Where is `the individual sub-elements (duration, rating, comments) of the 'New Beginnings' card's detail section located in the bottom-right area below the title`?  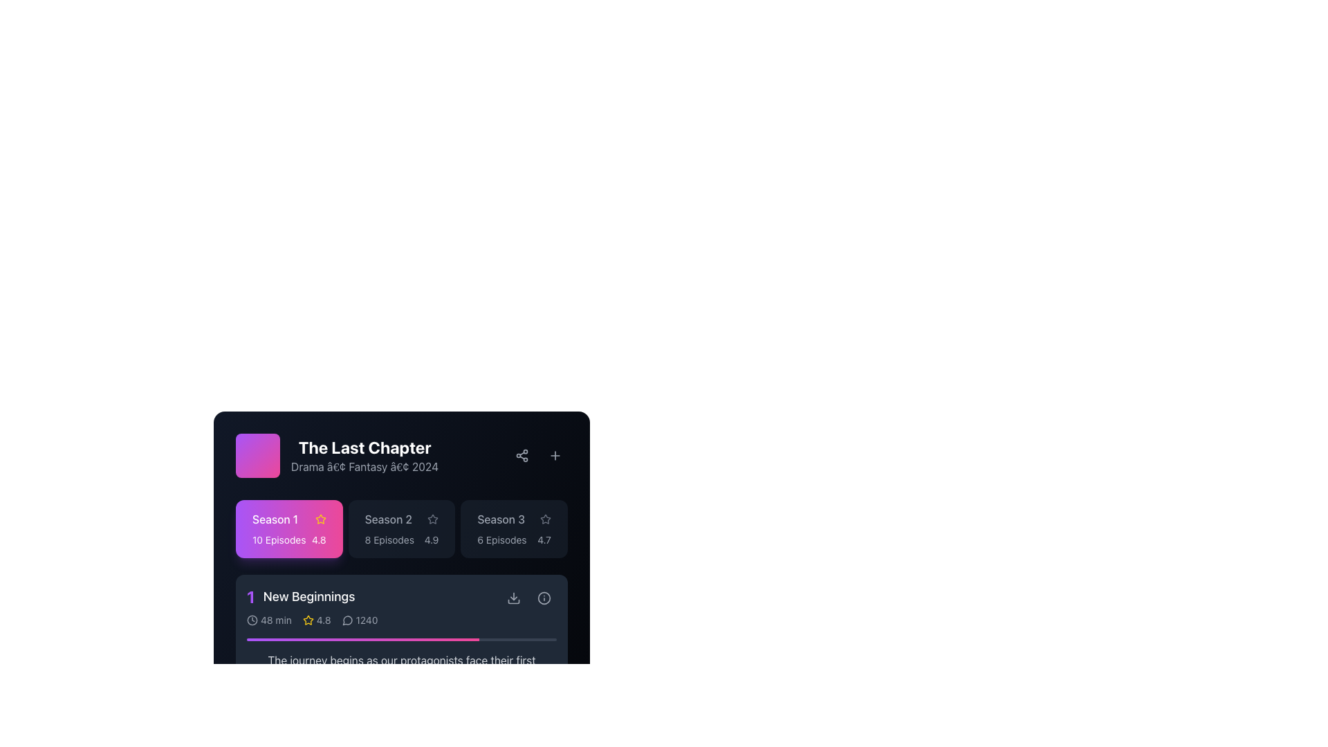
the individual sub-elements (duration, rating, comments) of the 'New Beginnings' card's detail section located in the bottom-right area below the title is located at coordinates (374, 620).